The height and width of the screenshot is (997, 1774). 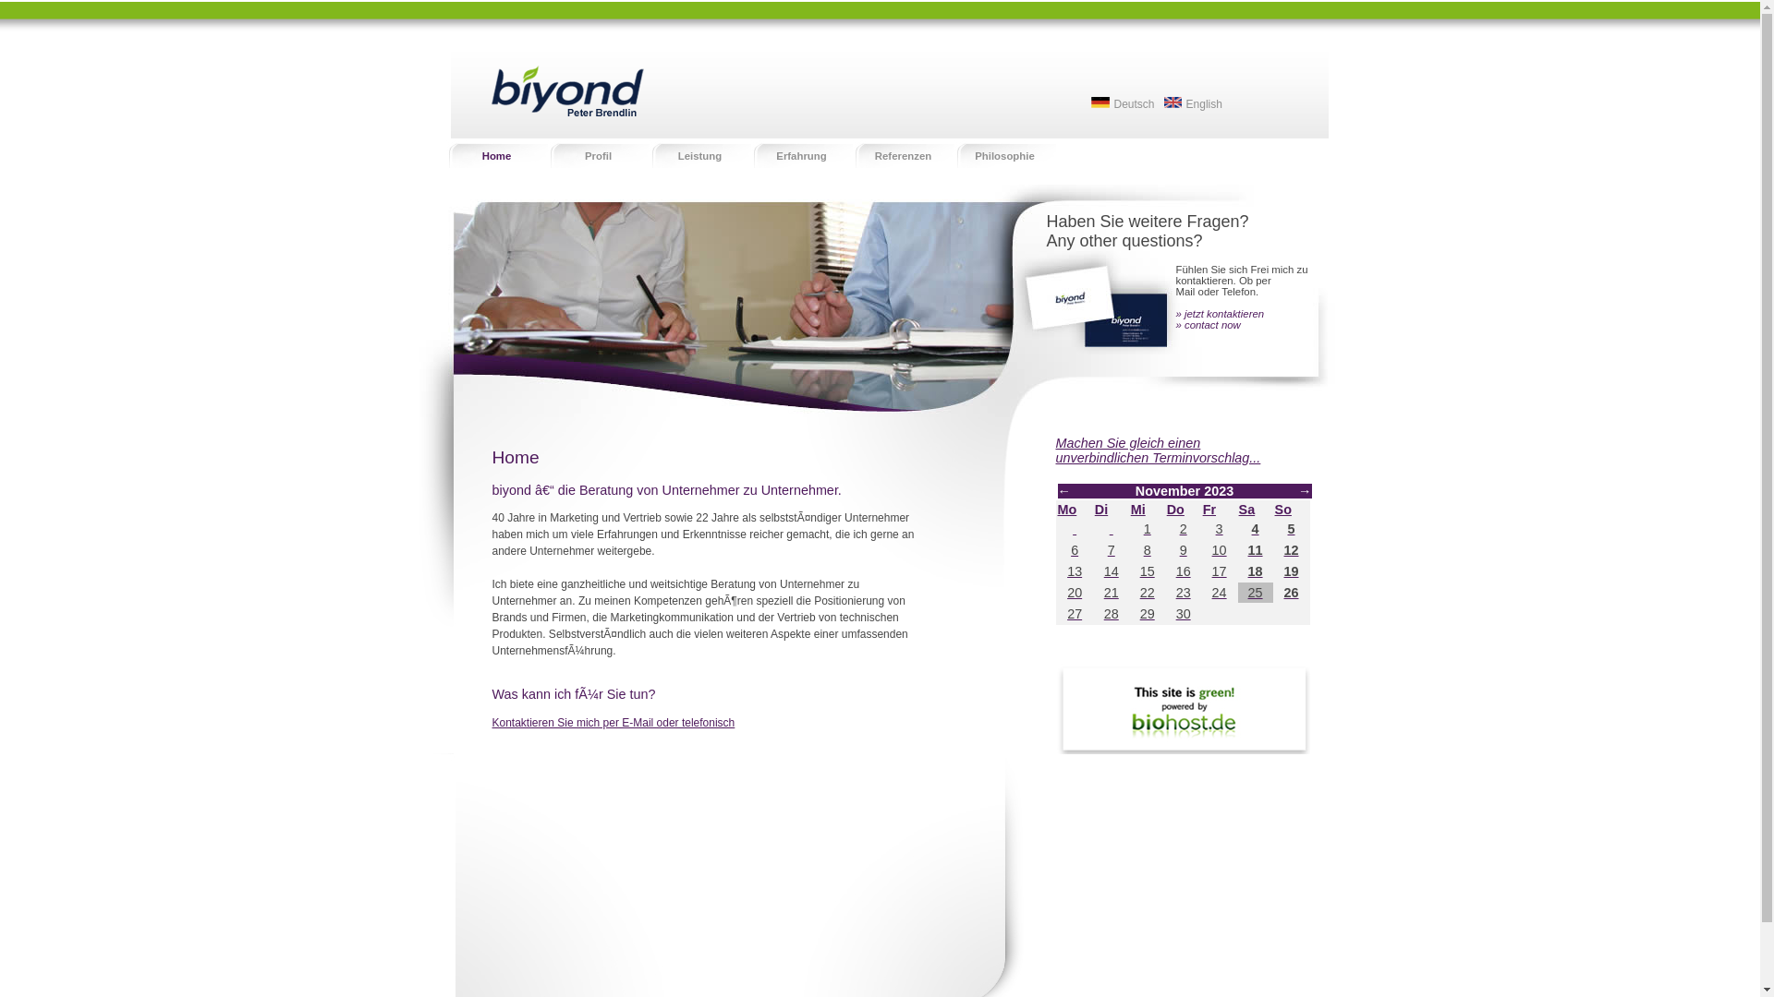 What do you see at coordinates (1184, 529) in the screenshot?
I see `'2'` at bounding box center [1184, 529].